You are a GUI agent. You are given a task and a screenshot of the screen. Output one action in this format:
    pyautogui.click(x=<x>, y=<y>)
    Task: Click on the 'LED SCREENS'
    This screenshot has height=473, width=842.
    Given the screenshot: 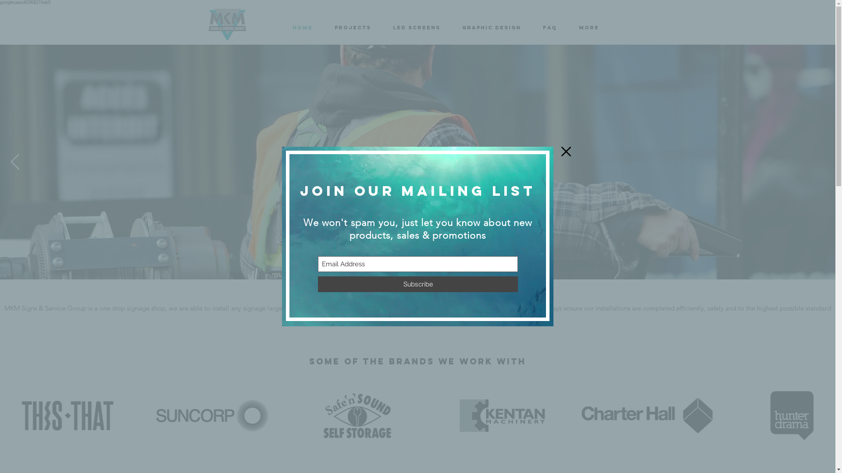 What is the action you would take?
    pyautogui.click(x=416, y=27)
    